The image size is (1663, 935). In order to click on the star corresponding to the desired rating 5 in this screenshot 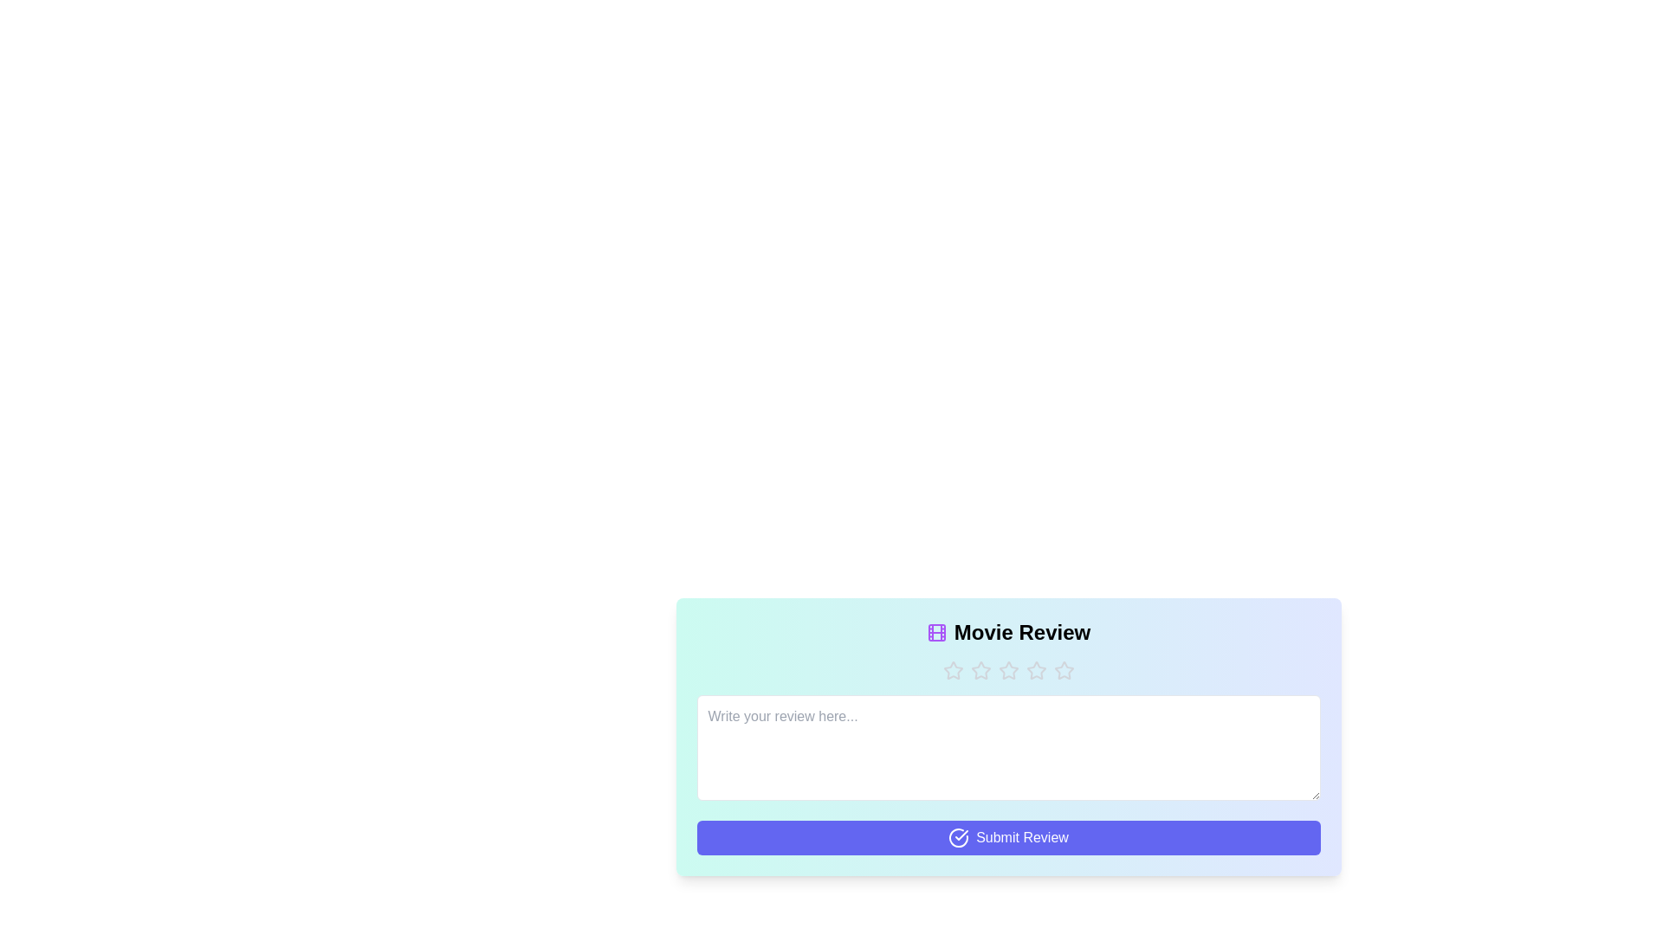, I will do `click(1063, 670)`.